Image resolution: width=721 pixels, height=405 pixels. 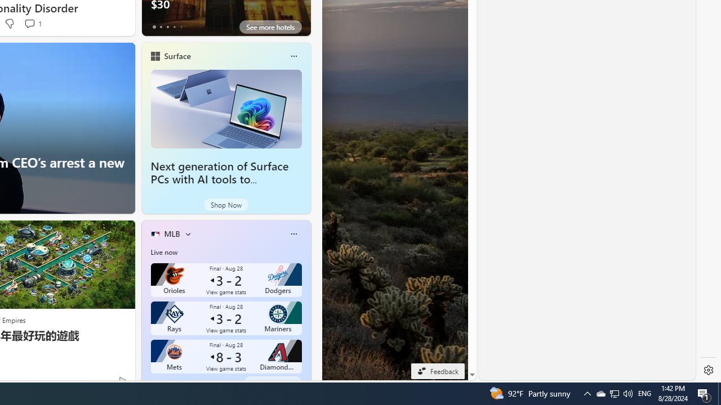 What do you see at coordinates (225, 204) in the screenshot?
I see `'Shop Now'` at bounding box center [225, 204].